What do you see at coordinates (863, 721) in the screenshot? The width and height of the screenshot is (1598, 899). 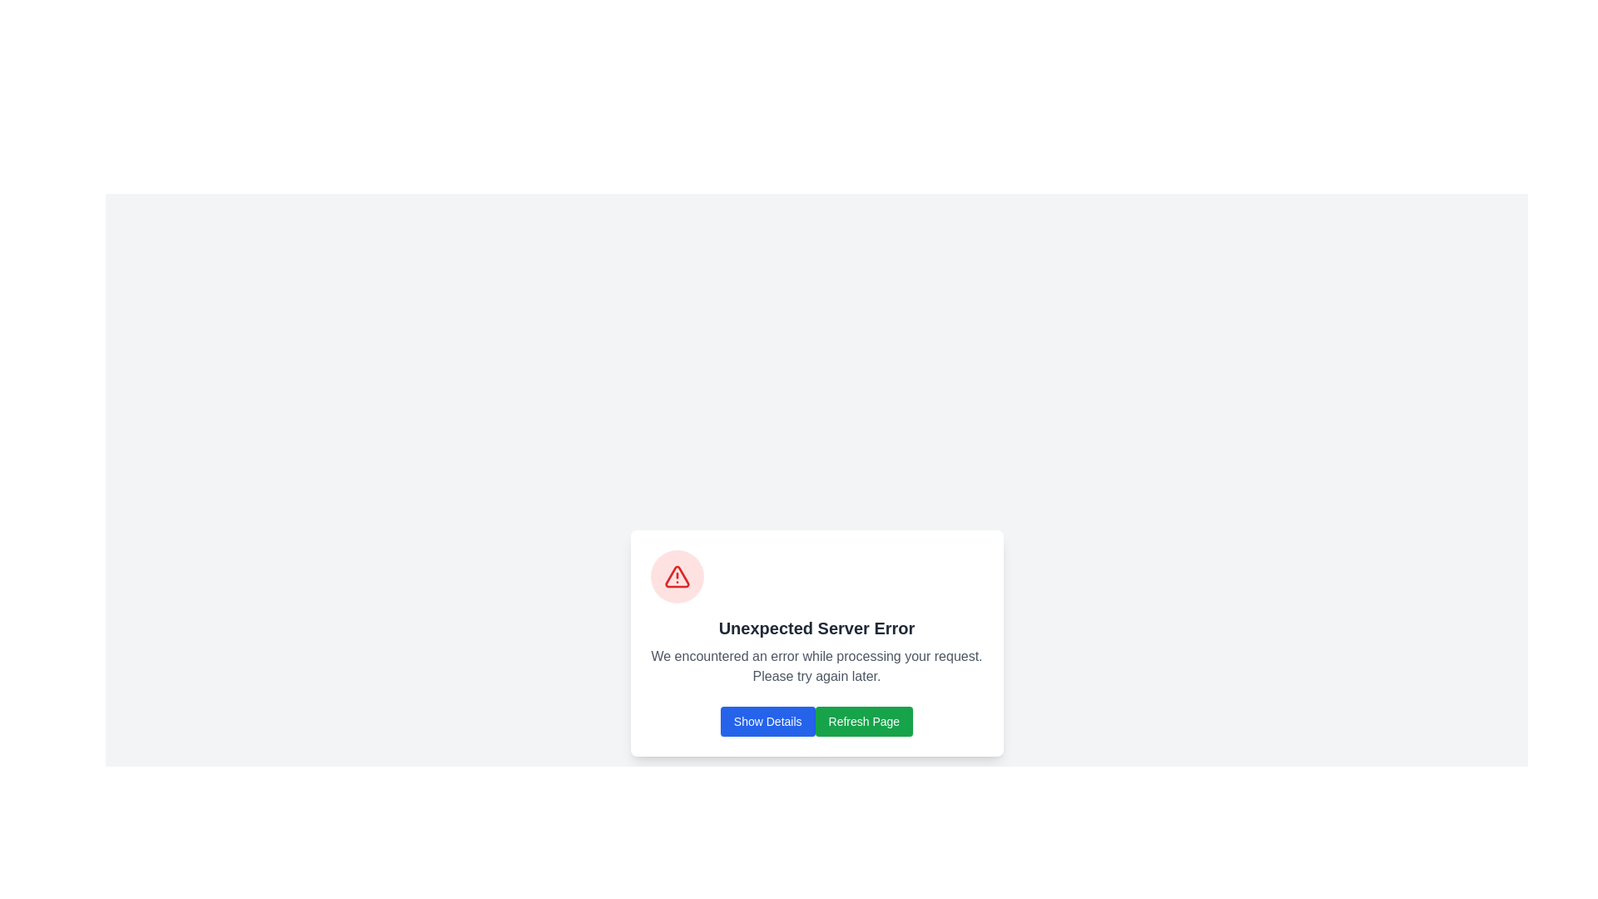 I see `the second button at the bottom of the dialog box, located to the right of the 'Show Details' button, to refresh the page` at bounding box center [863, 721].